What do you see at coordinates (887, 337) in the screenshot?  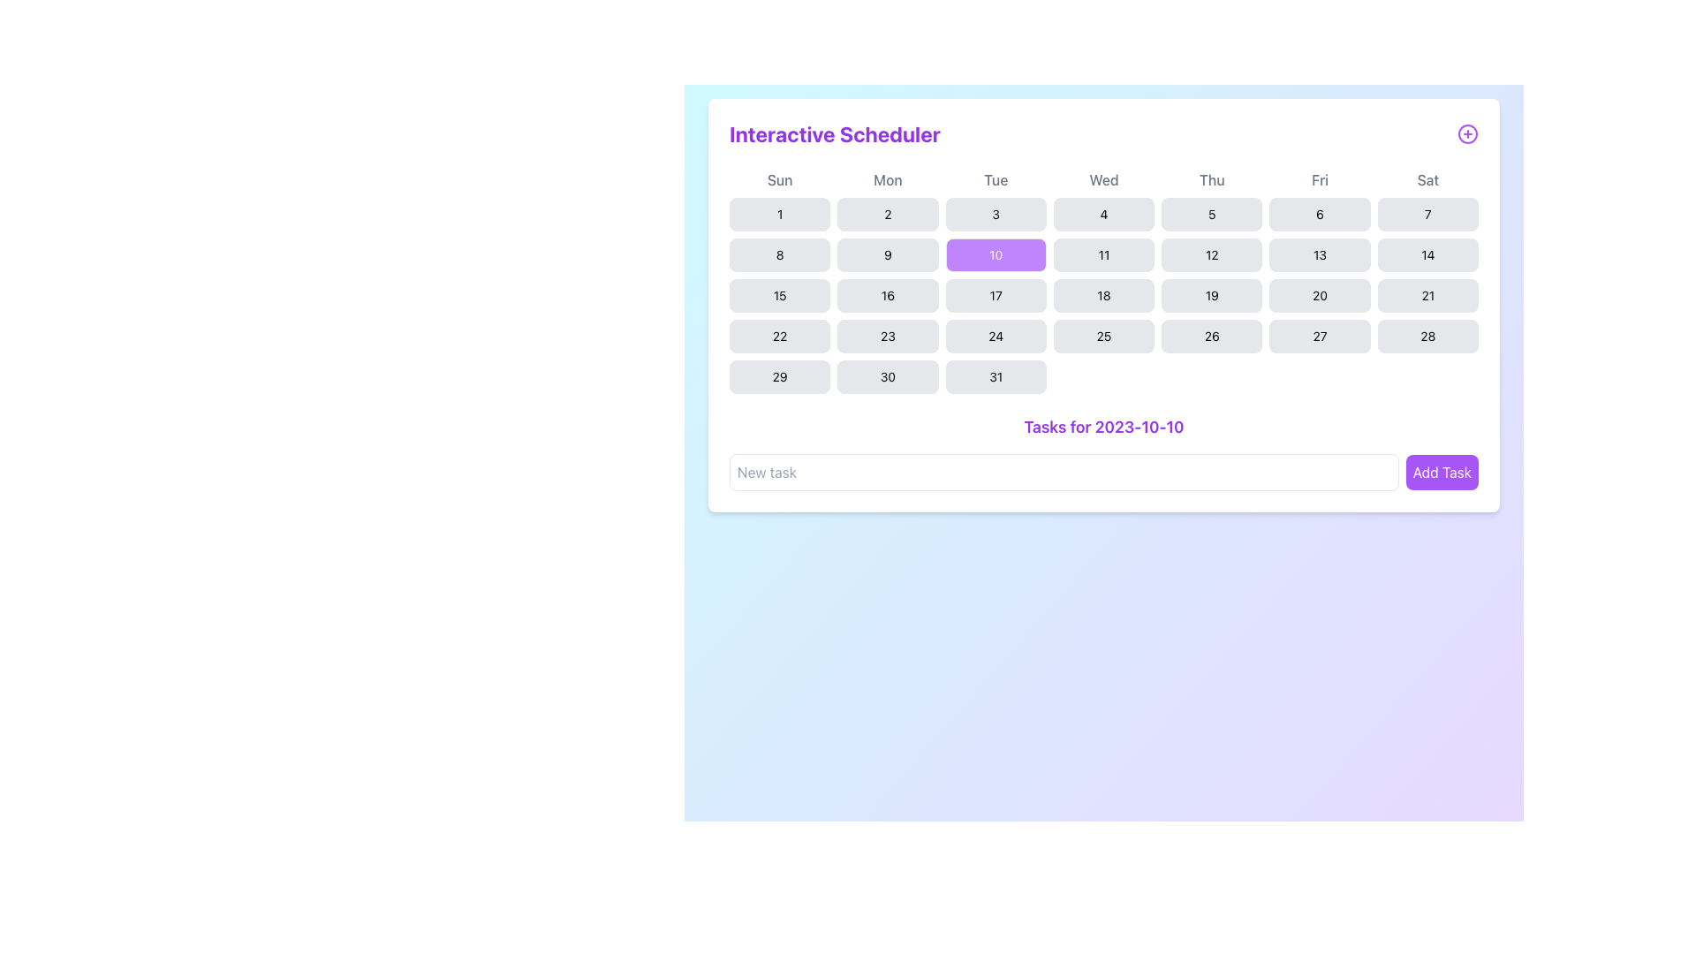 I see `the selectable day button in the calendar that corresponds to the date '23' located in the sixth column of the fourth row` at bounding box center [887, 337].